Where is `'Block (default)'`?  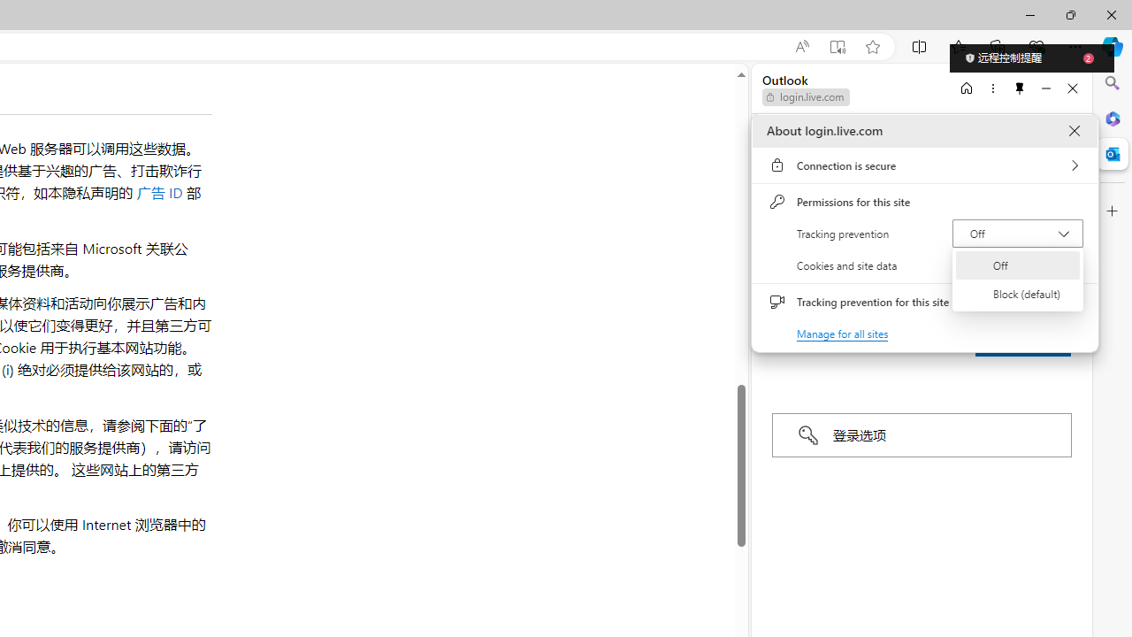
'Block (default)' is located at coordinates (1018, 292).